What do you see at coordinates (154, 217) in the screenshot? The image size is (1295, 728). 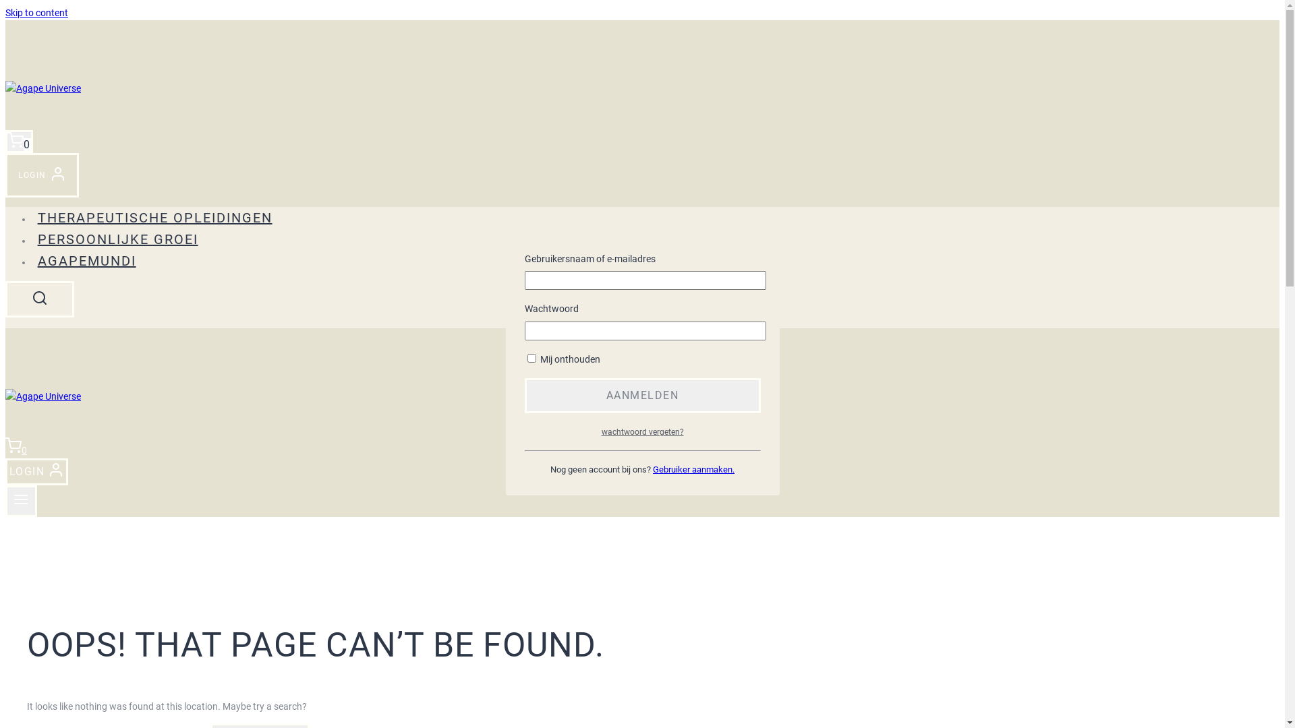 I see `'THERAPEUTISCHE OPLEIDINGEN'` at bounding box center [154, 217].